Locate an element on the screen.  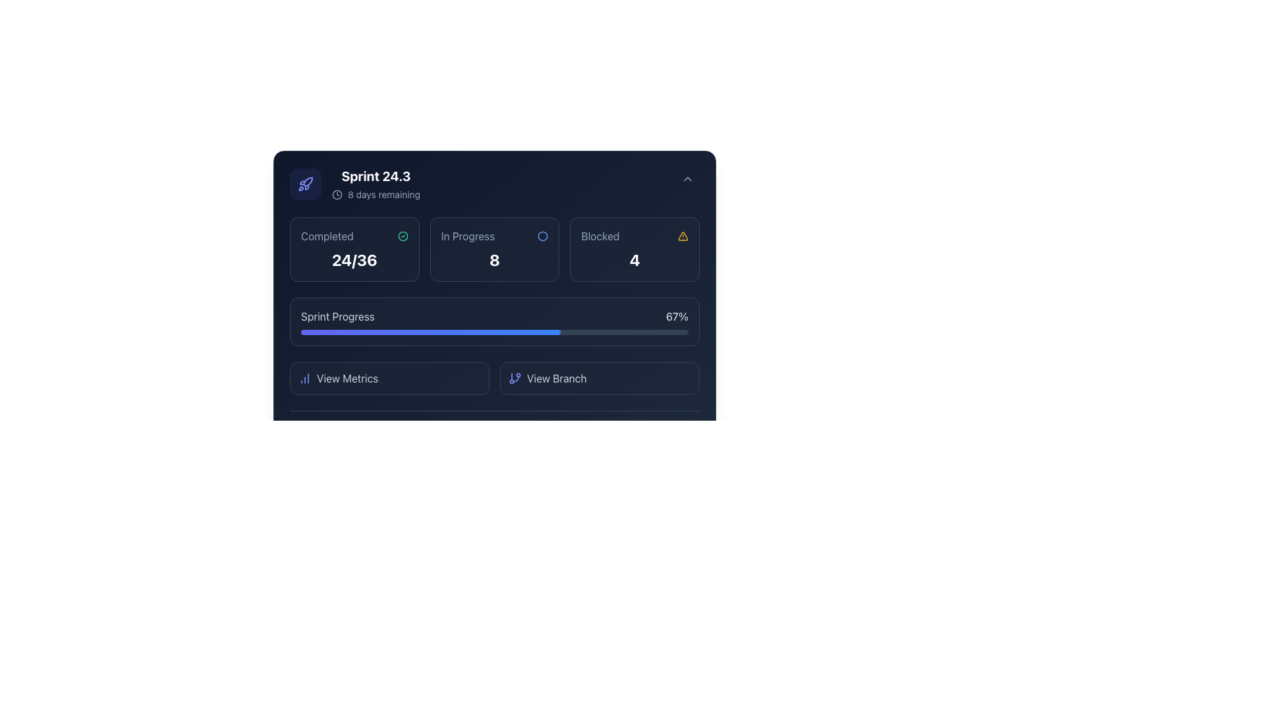
the small chevron icon button, styled as an upwards-pointing triangle, located in the top-right corner of the interface, above 'Sprint 24.3' and '8 days remaining', to change its background color is located at coordinates (687, 179).